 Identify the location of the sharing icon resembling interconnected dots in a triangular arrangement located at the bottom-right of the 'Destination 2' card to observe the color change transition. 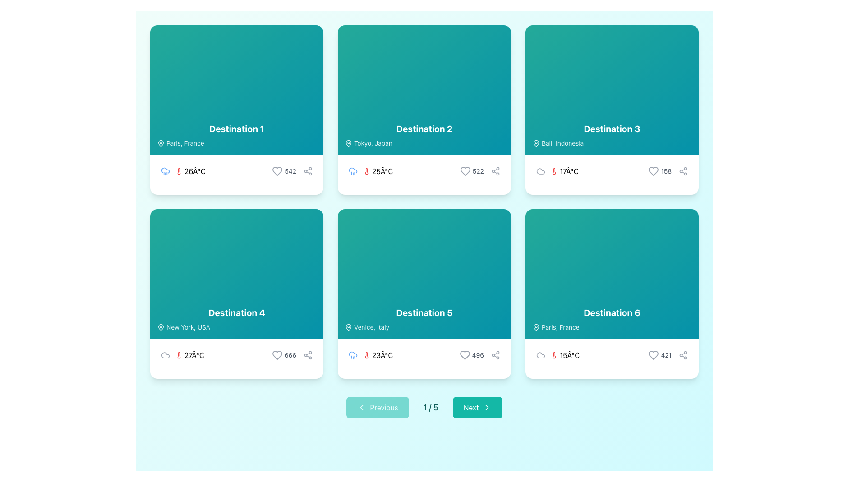
(495, 171).